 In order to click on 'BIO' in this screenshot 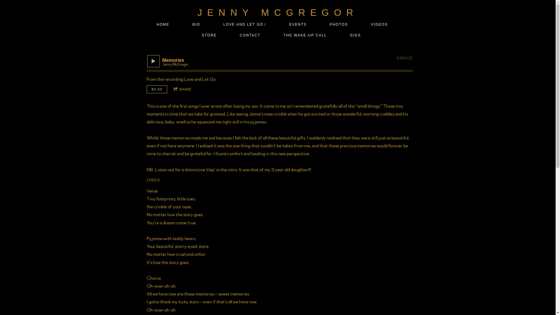, I will do `click(196, 24)`.